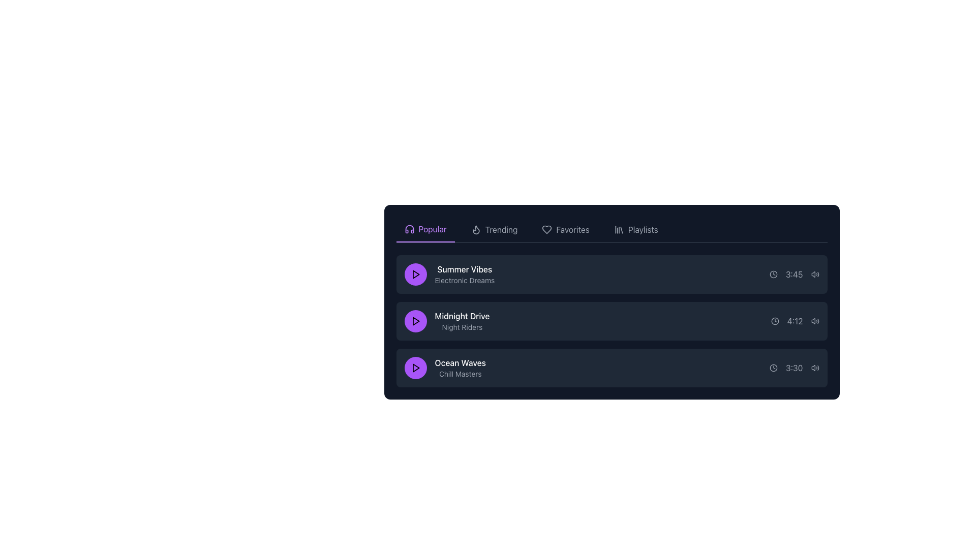 The image size is (976, 549). Describe the element at coordinates (773, 274) in the screenshot. I see `the clock icon, which is a minimalistic design located adjacent to the time label '3:45' in the top section of the interface` at that location.